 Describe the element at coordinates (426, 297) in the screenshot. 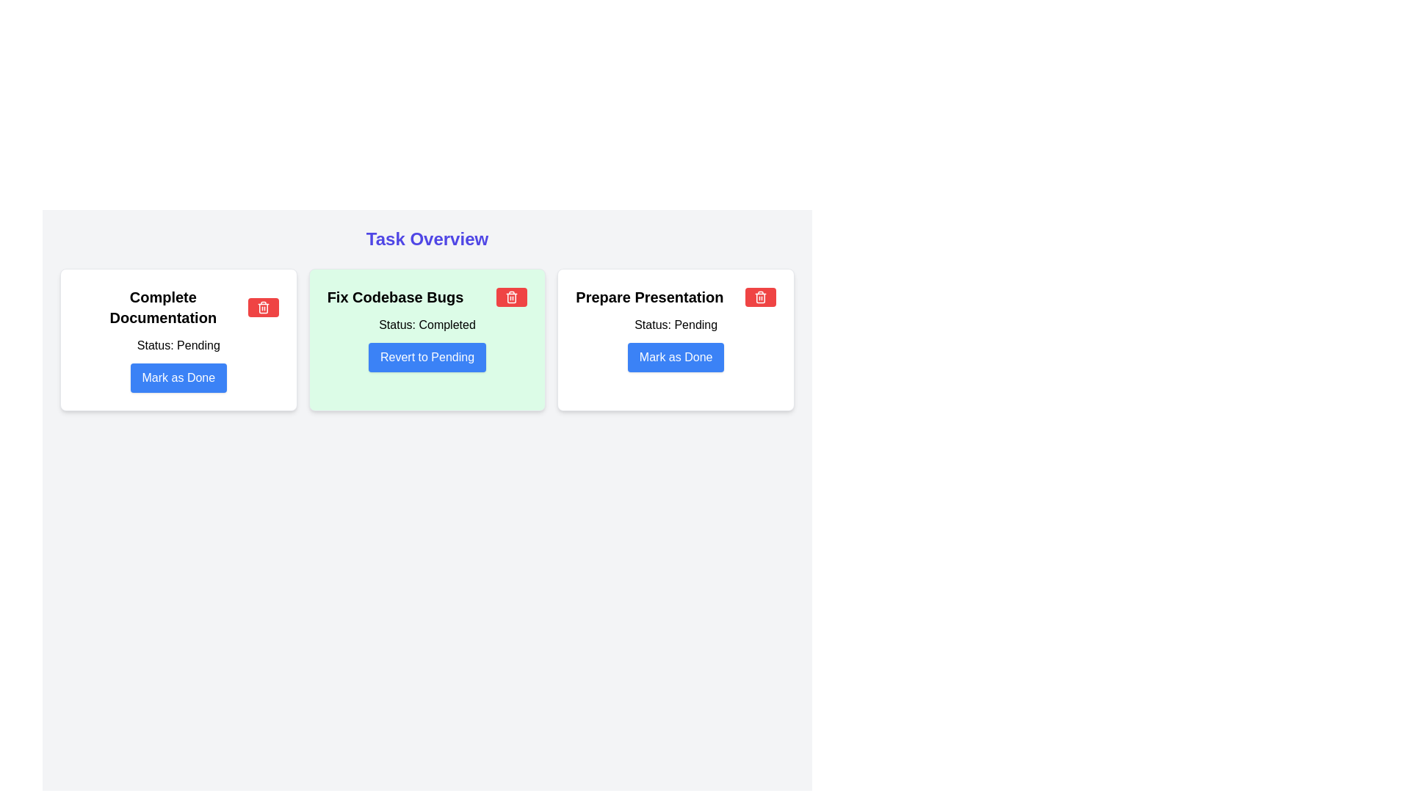

I see `the static text element displaying 'Fix Codebase Bugs' located at the top-center of the card with a light green background` at that location.